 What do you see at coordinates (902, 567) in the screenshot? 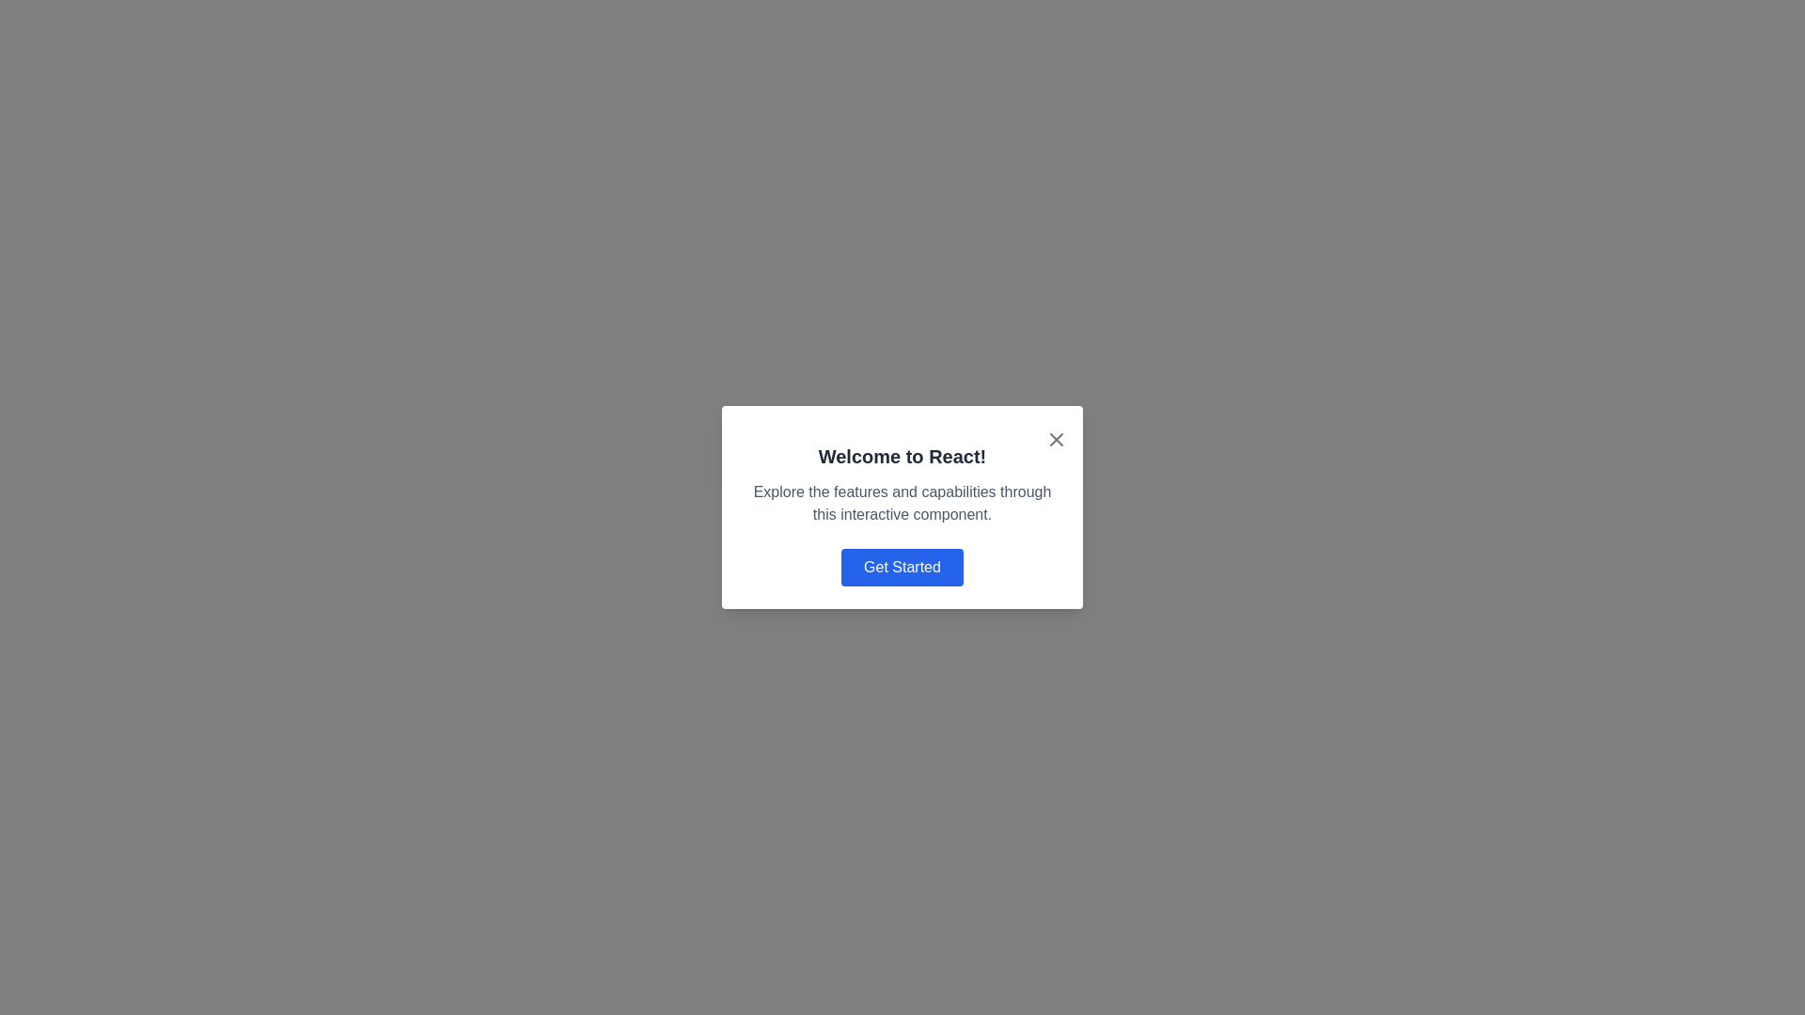
I see `the call-to-action button located at the bottom of the content area, centered horizontally, which initiates a process related to exploring the React framework` at bounding box center [902, 567].